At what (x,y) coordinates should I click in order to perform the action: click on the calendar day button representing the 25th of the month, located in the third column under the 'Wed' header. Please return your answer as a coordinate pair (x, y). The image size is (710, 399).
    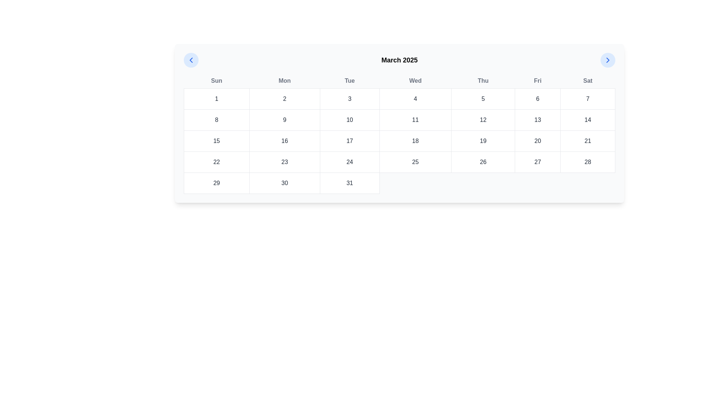
    Looking at the image, I should click on (415, 162).